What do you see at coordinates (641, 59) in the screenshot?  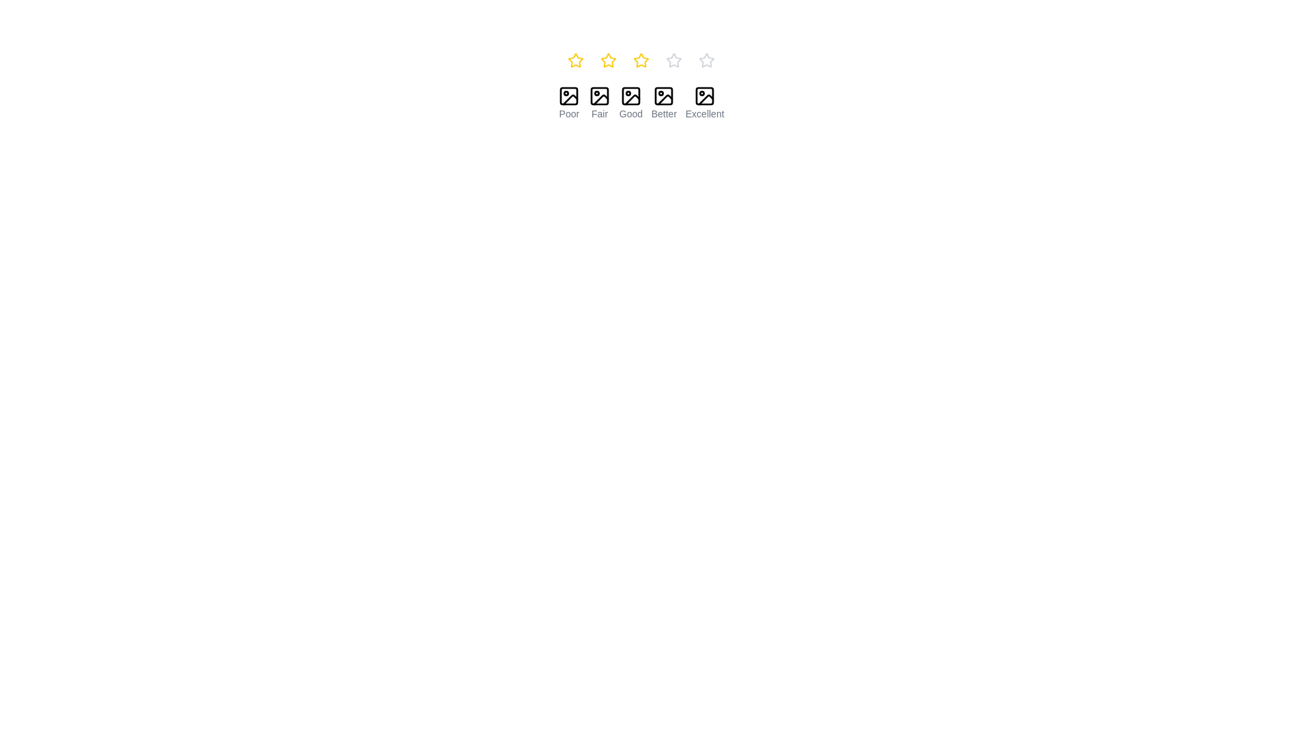 I see `the third rating star` at bounding box center [641, 59].